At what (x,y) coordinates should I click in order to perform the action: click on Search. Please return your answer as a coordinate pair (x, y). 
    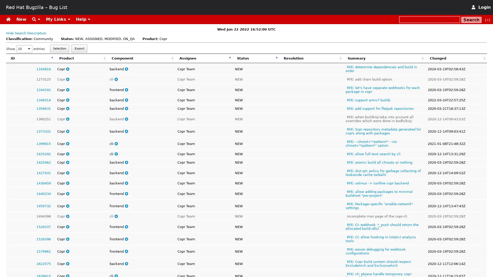
    Looking at the image, I should click on (471, 19).